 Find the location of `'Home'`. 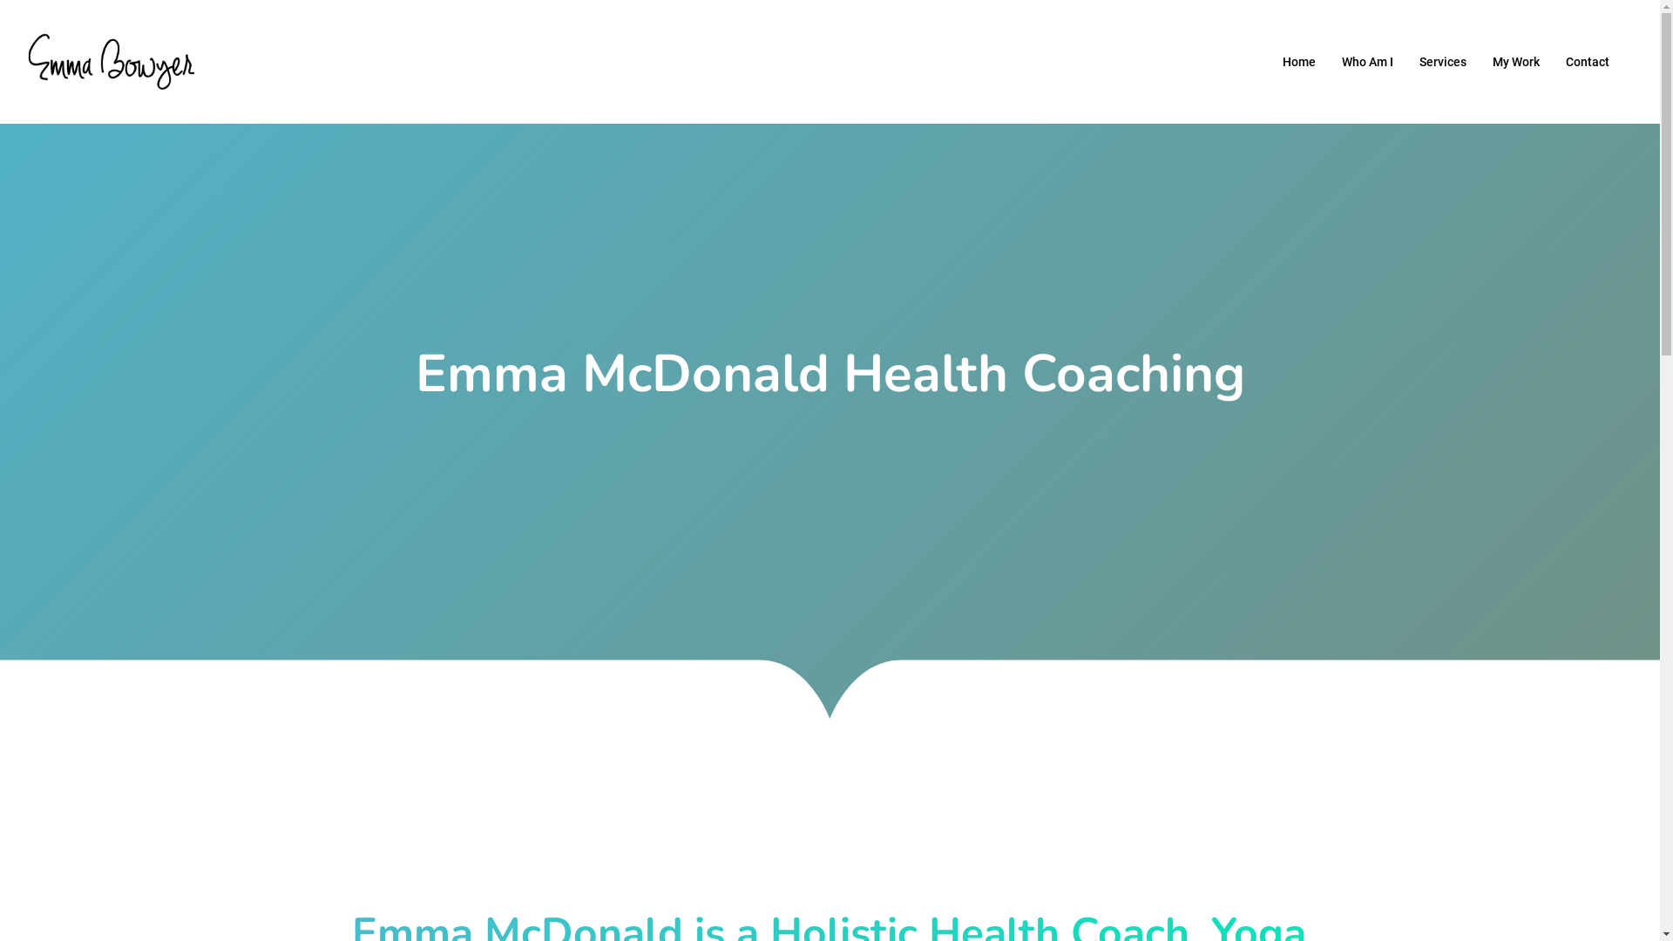

'Home' is located at coordinates (1299, 60).